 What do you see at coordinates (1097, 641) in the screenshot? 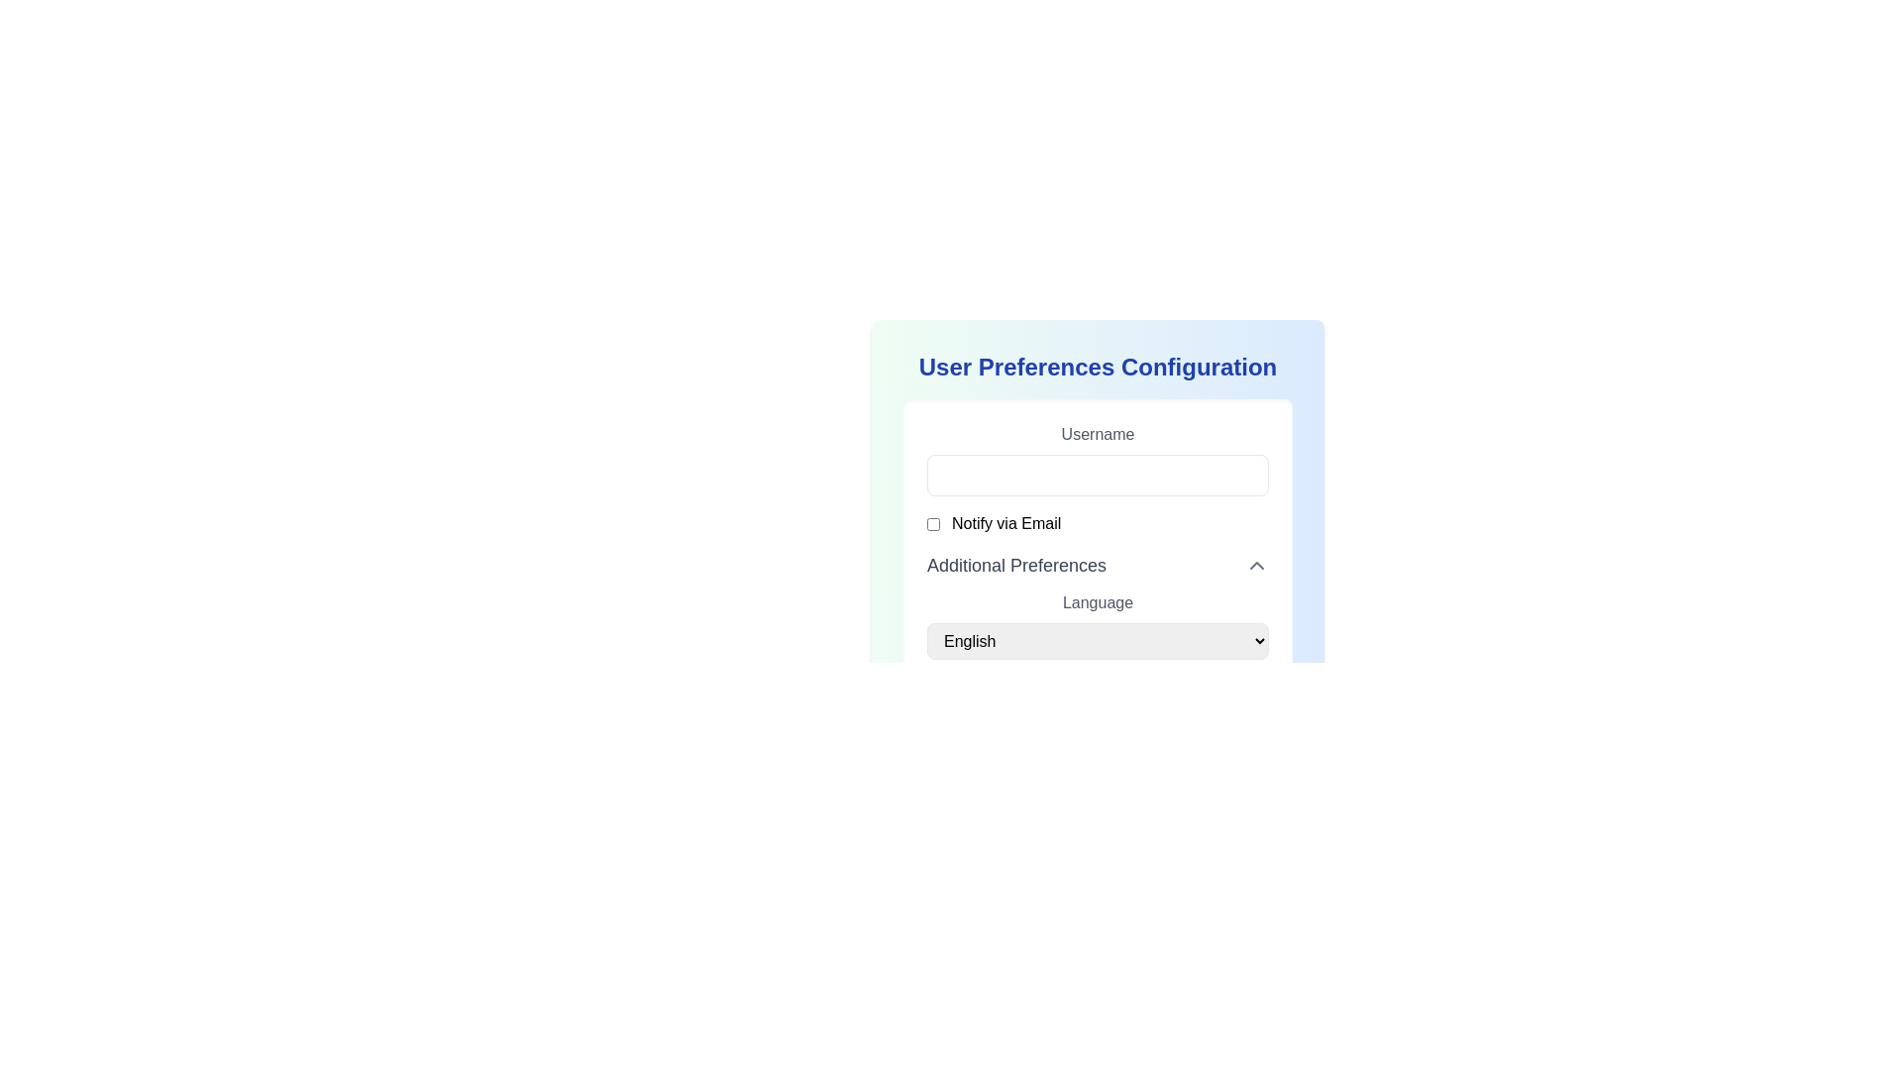
I see `the dropdown menu displaying 'English'` at bounding box center [1097, 641].